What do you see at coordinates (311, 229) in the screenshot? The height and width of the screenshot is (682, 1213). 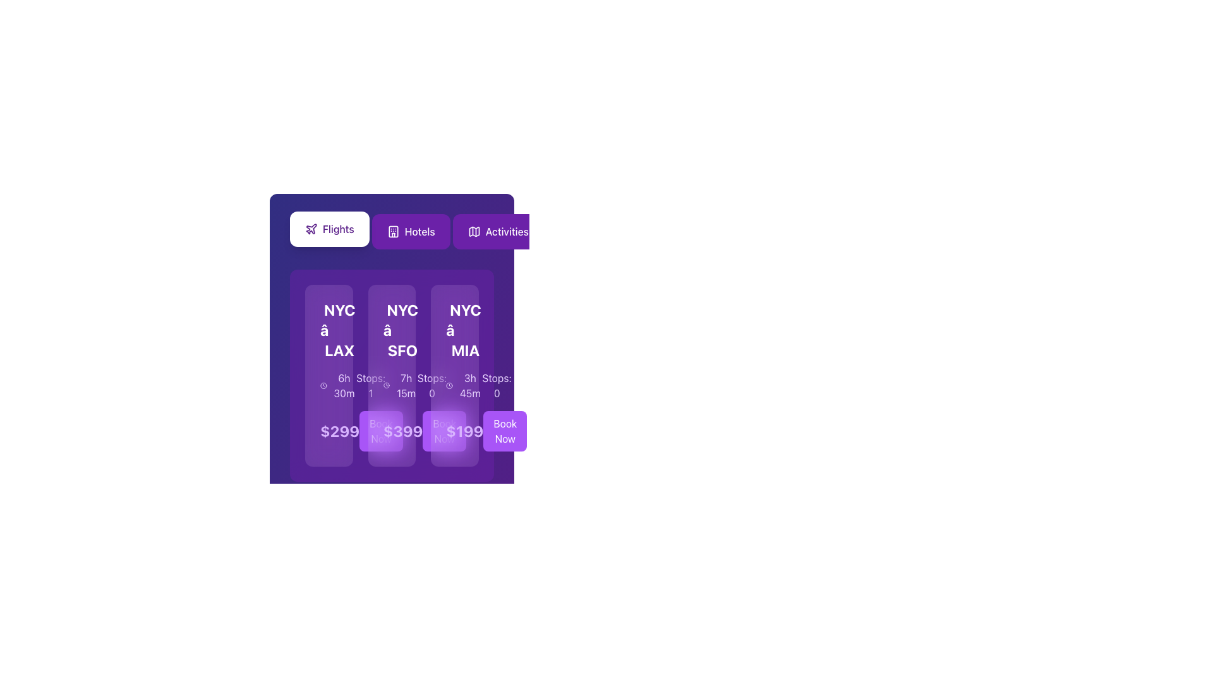 I see `the stylized airplane icon located on the left side of the 'Flights' button in the navigation bar` at bounding box center [311, 229].